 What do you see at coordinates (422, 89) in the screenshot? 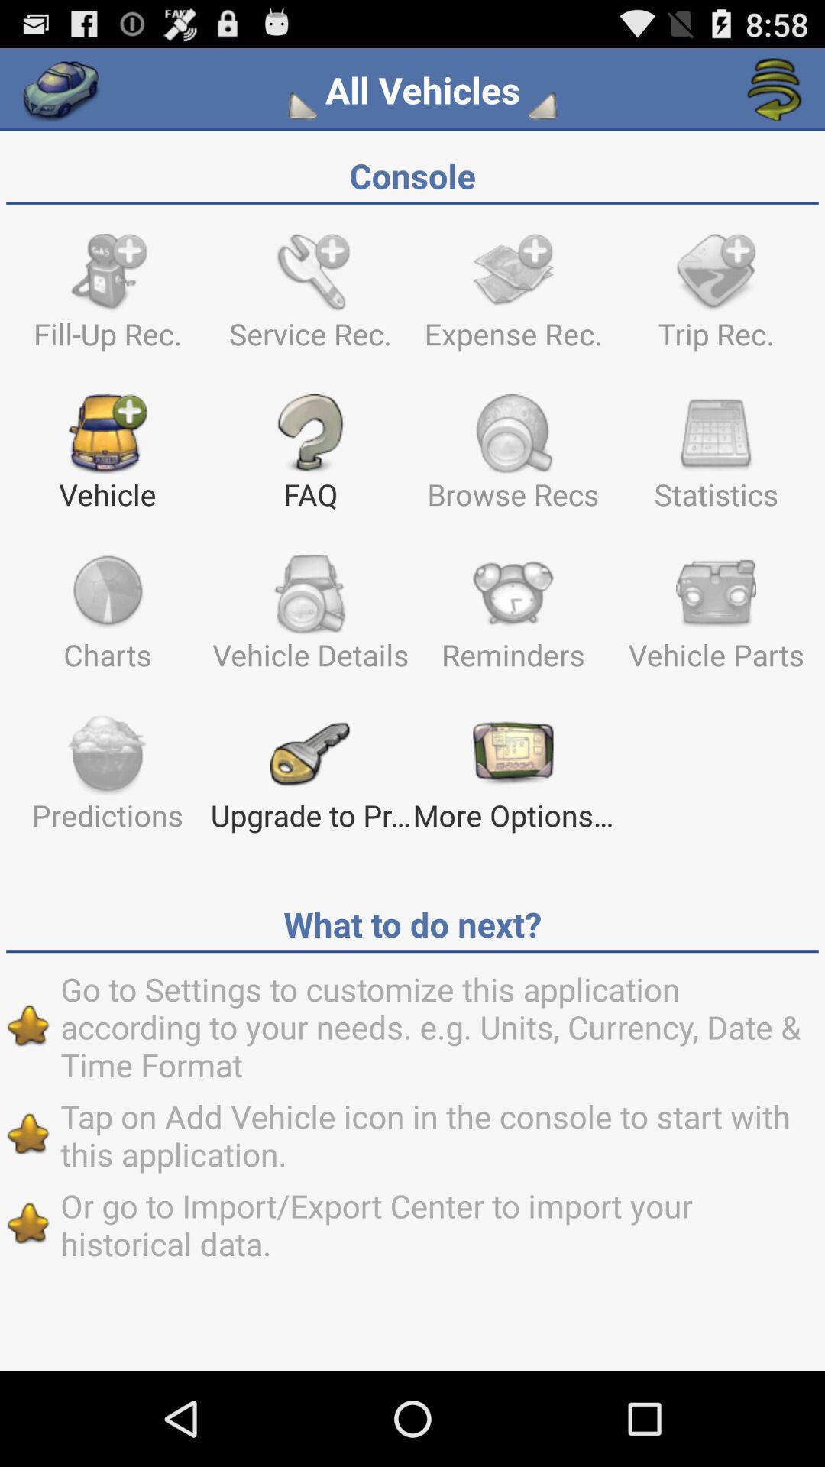
I see `the all vehicles app` at bounding box center [422, 89].